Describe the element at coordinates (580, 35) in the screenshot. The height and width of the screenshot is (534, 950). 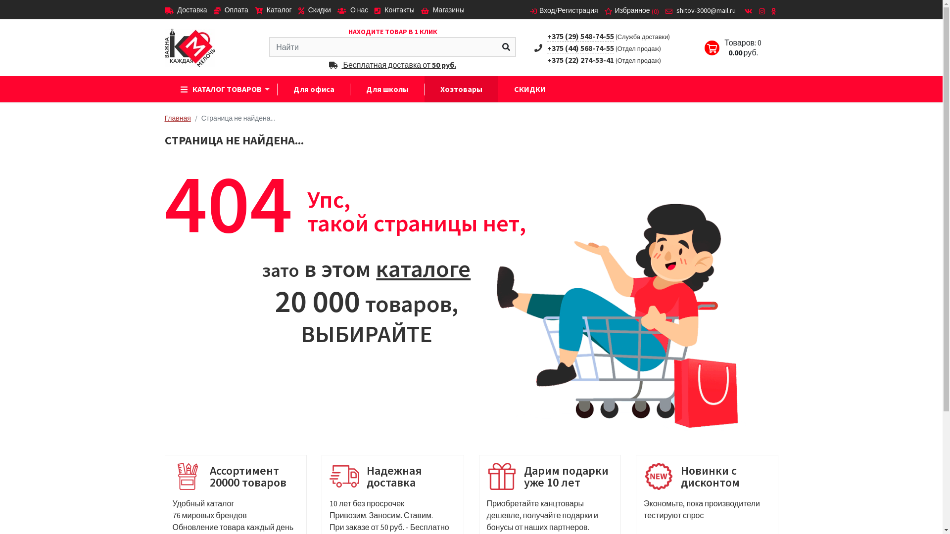
I see `'+375 (29) 548-74-55'` at that location.